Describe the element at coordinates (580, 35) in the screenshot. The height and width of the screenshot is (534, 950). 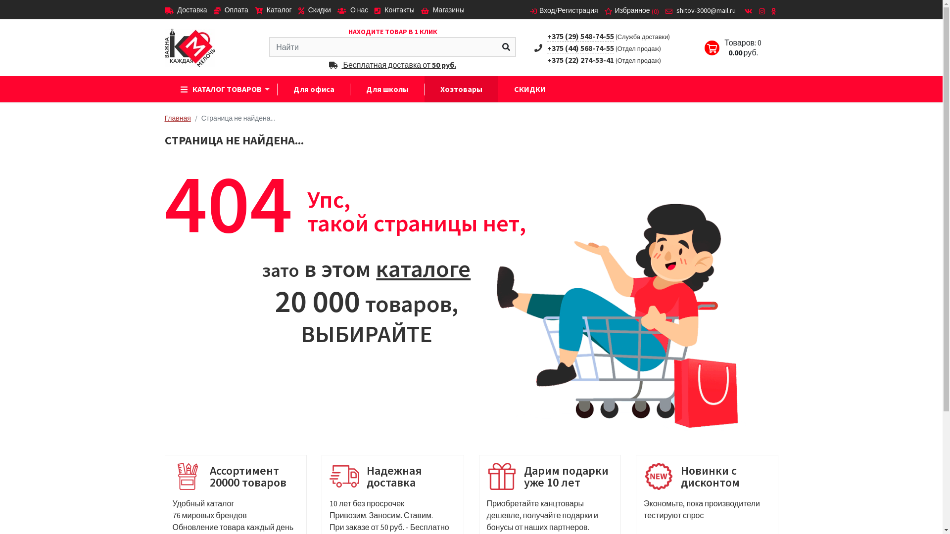
I see `'+375 (29) 548-74-55'` at that location.